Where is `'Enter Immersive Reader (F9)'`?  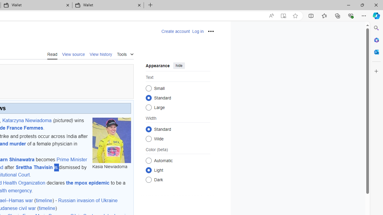
'Enter Immersive Reader (F9)' is located at coordinates (283, 16).